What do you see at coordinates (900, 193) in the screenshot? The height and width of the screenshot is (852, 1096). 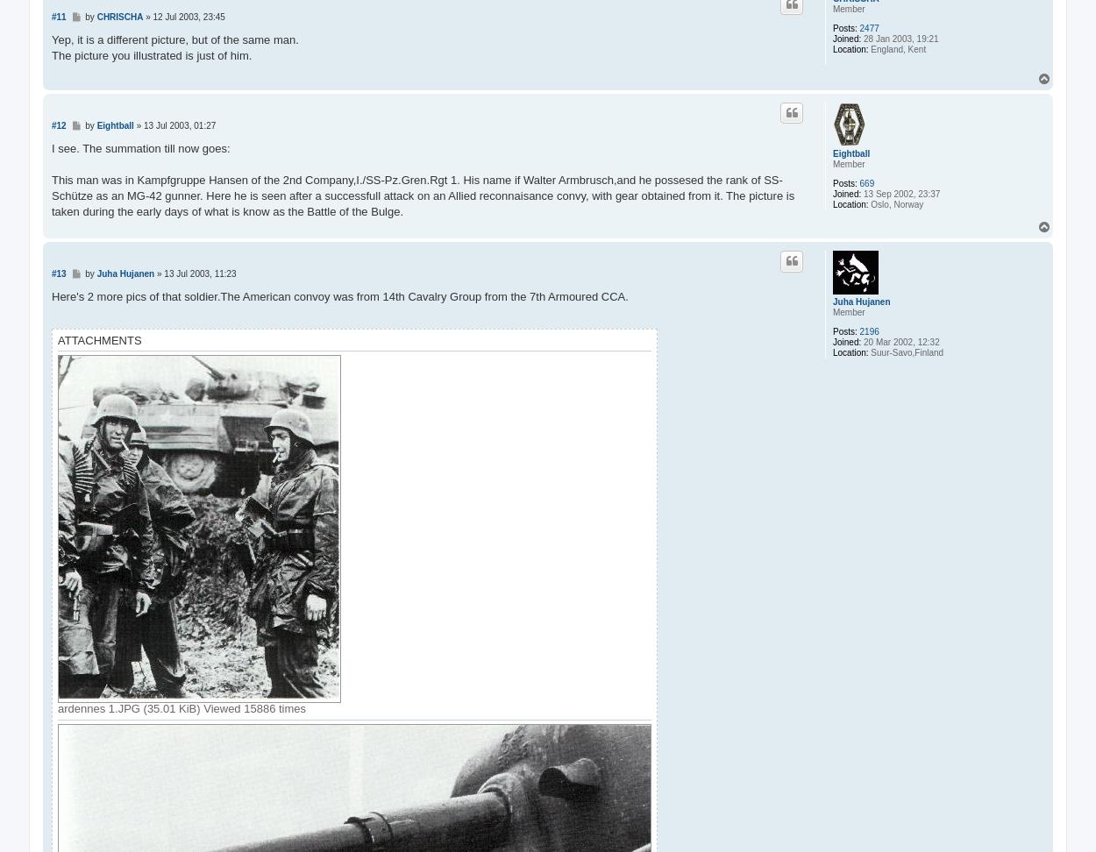 I see `'13 Sep 2002, 23:37'` at bounding box center [900, 193].